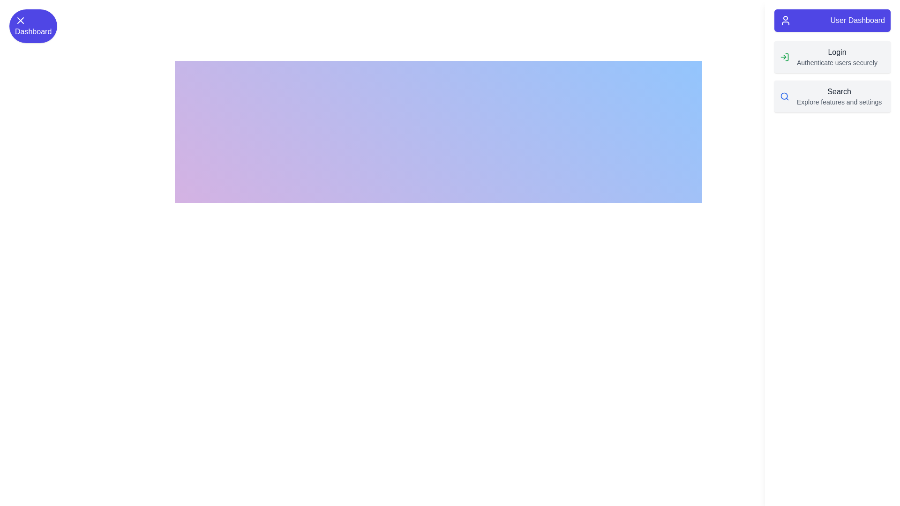  What do you see at coordinates (832, 20) in the screenshot?
I see `the drawer header to interact with it` at bounding box center [832, 20].